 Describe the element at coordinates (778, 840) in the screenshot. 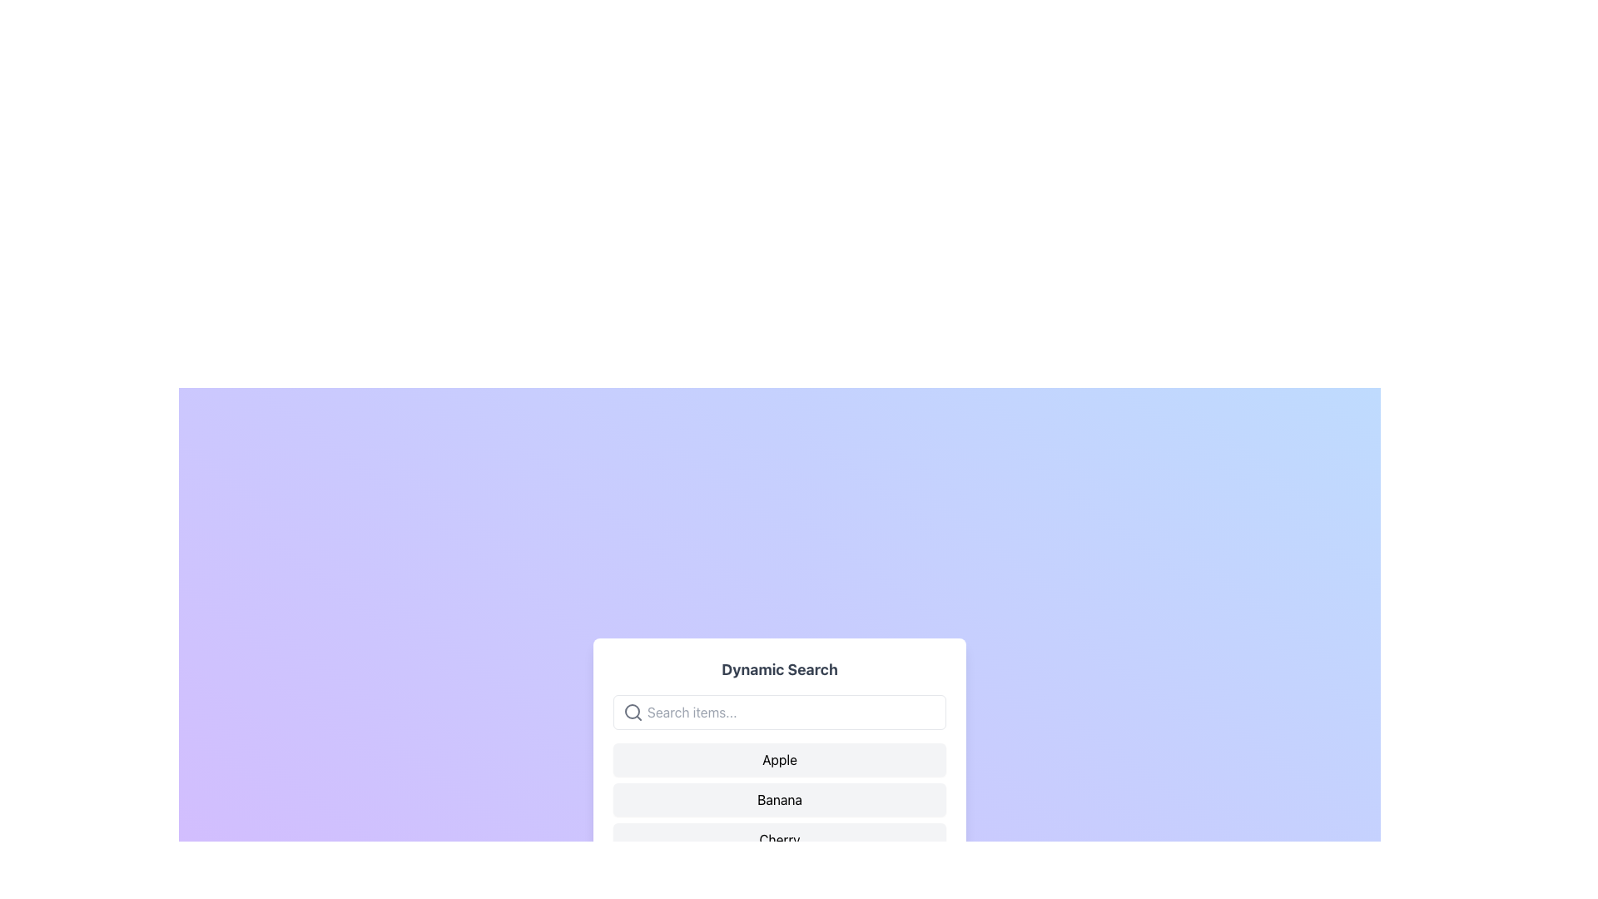

I see `the text-based list item labeled 'Cherry' using keyboard navigation` at that location.